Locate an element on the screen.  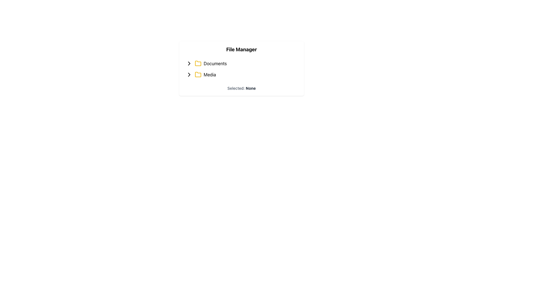
the arrow icon that indicates expandable content in the tree view next to the 'Documents' text is located at coordinates (189, 63).